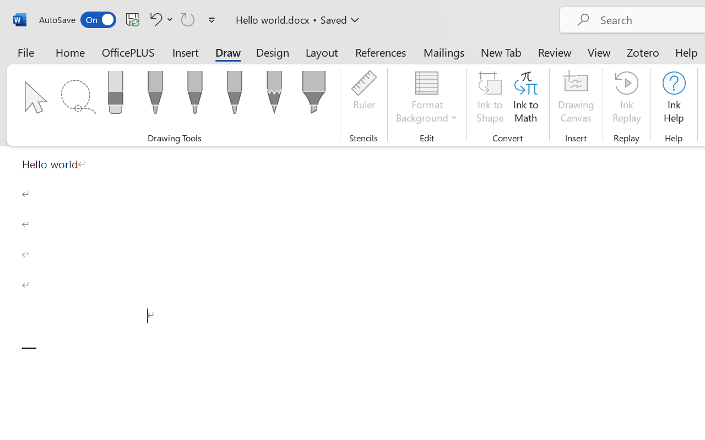  I want to click on 'Save', so click(132, 19).